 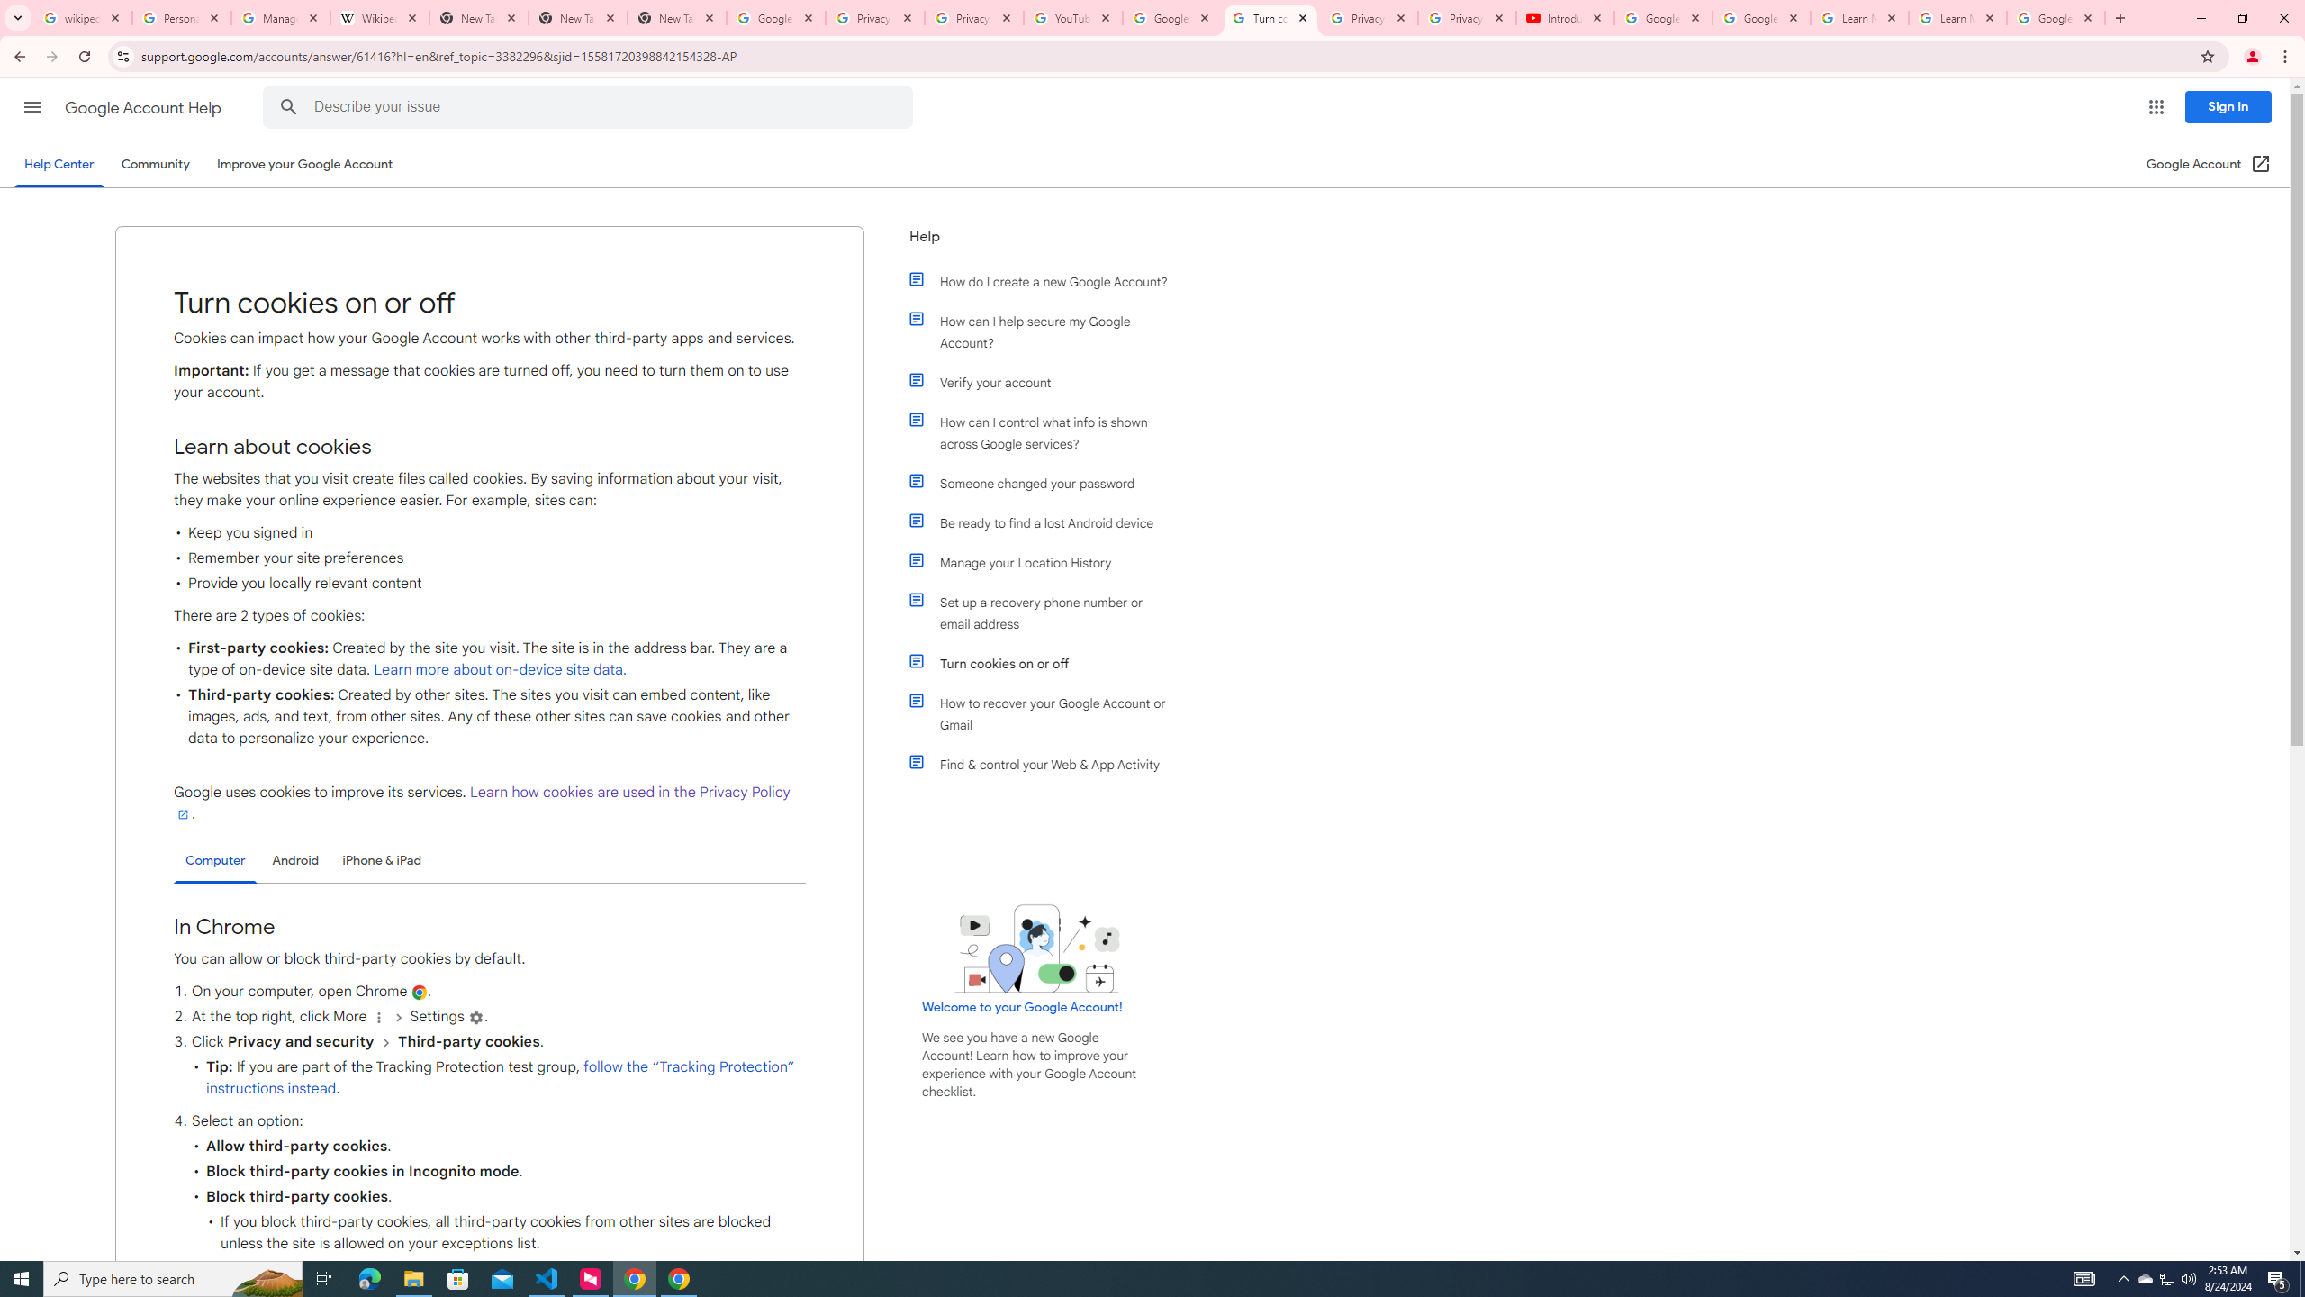 What do you see at coordinates (1046, 483) in the screenshot?
I see `'Someone changed your password'` at bounding box center [1046, 483].